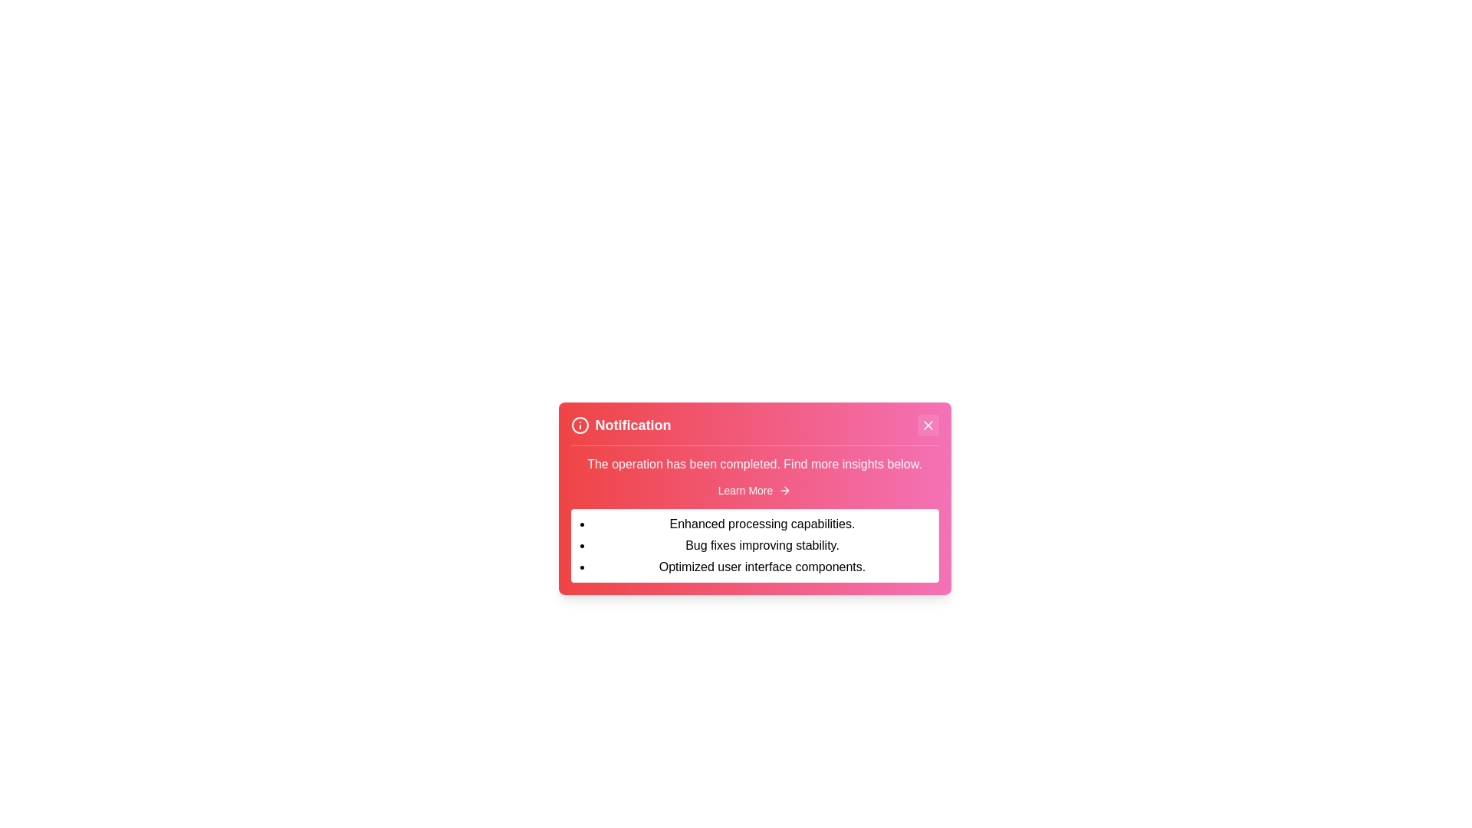 This screenshot has height=828, width=1472. What do you see at coordinates (754, 491) in the screenshot?
I see `the 'Learn More' button to toggle the expanded details` at bounding box center [754, 491].